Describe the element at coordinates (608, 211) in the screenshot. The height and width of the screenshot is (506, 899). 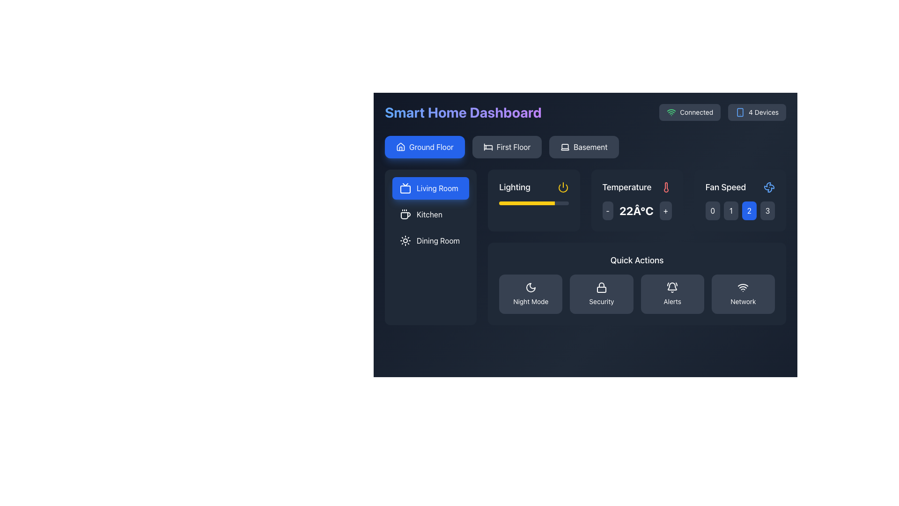
I see `the button that decreases the temperature setting, located on the 'Temperature' panel to the left of the '22°C' display` at that location.